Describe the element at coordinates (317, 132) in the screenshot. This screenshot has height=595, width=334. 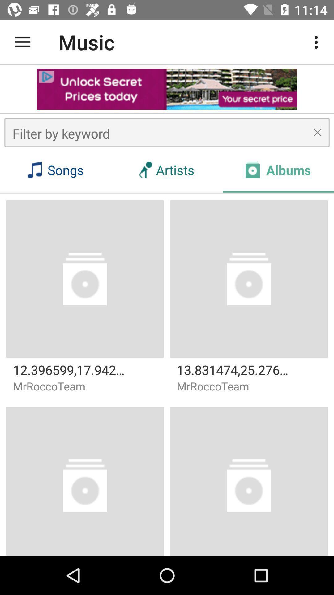
I see `the symbol` at that location.